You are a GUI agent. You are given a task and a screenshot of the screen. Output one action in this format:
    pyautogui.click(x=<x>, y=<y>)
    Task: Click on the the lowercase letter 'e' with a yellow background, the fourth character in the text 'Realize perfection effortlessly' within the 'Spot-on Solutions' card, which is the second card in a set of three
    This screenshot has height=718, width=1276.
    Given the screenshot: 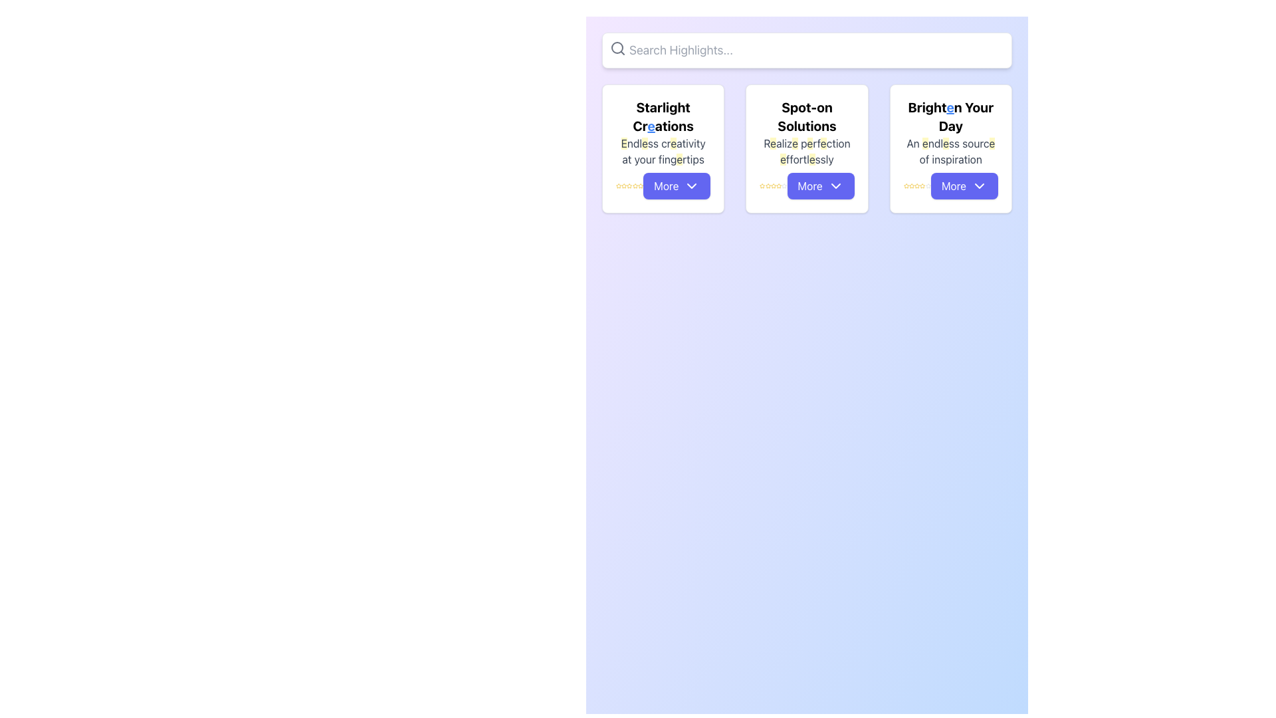 What is the action you would take?
    pyautogui.click(x=795, y=144)
    